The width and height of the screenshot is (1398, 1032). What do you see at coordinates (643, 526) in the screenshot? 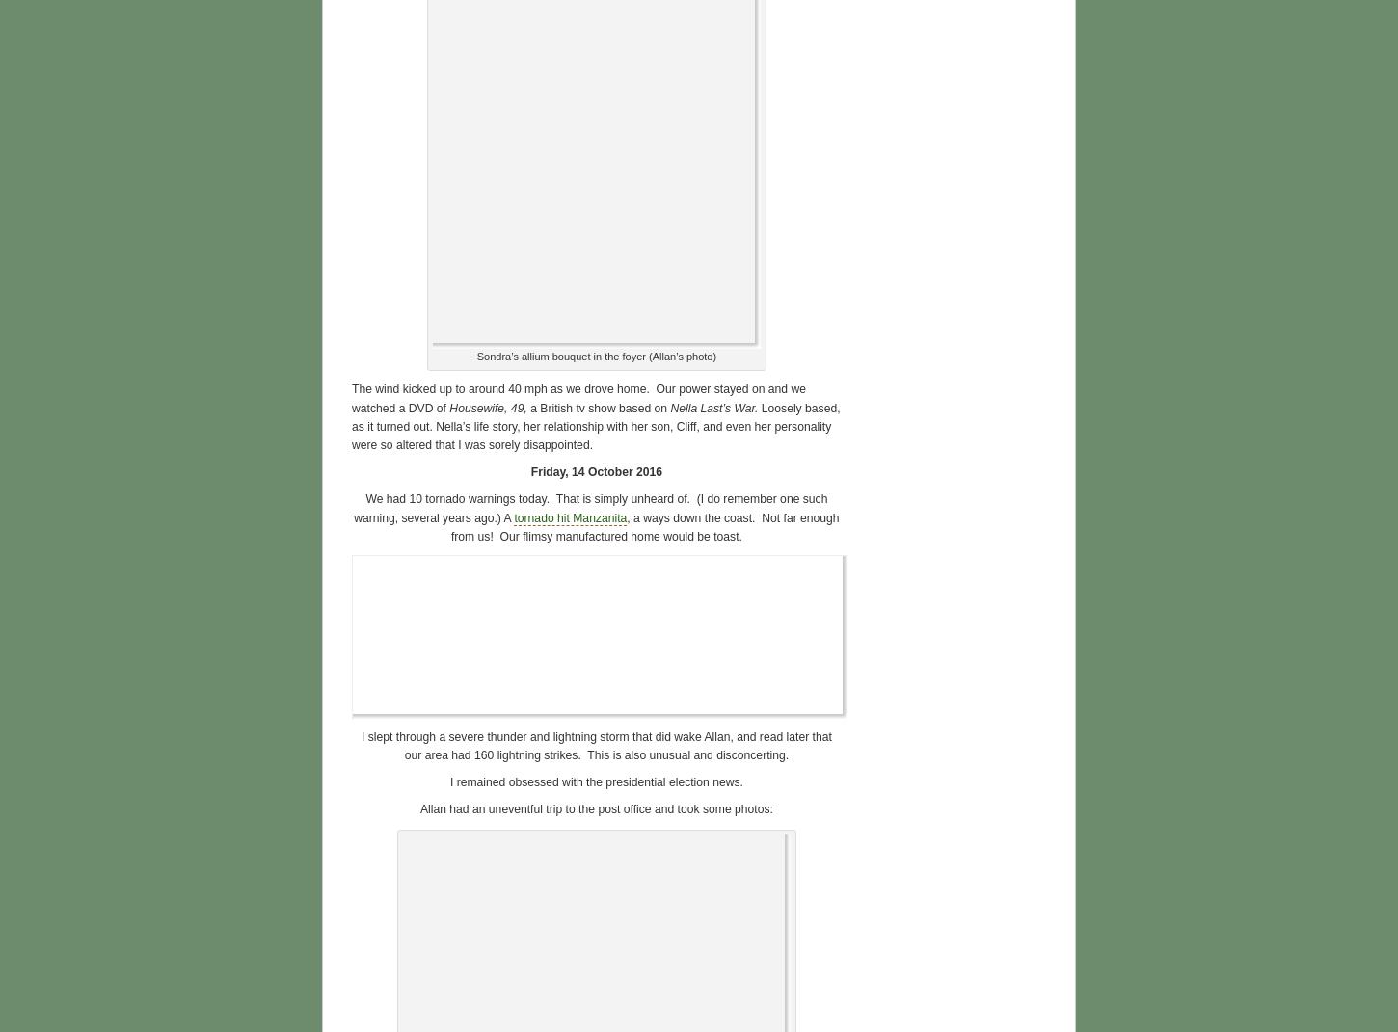
I see `', a ways down the coast.  Not far enough from us!  Our flimsy manufactured home would be toast.'` at bounding box center [643, 526].